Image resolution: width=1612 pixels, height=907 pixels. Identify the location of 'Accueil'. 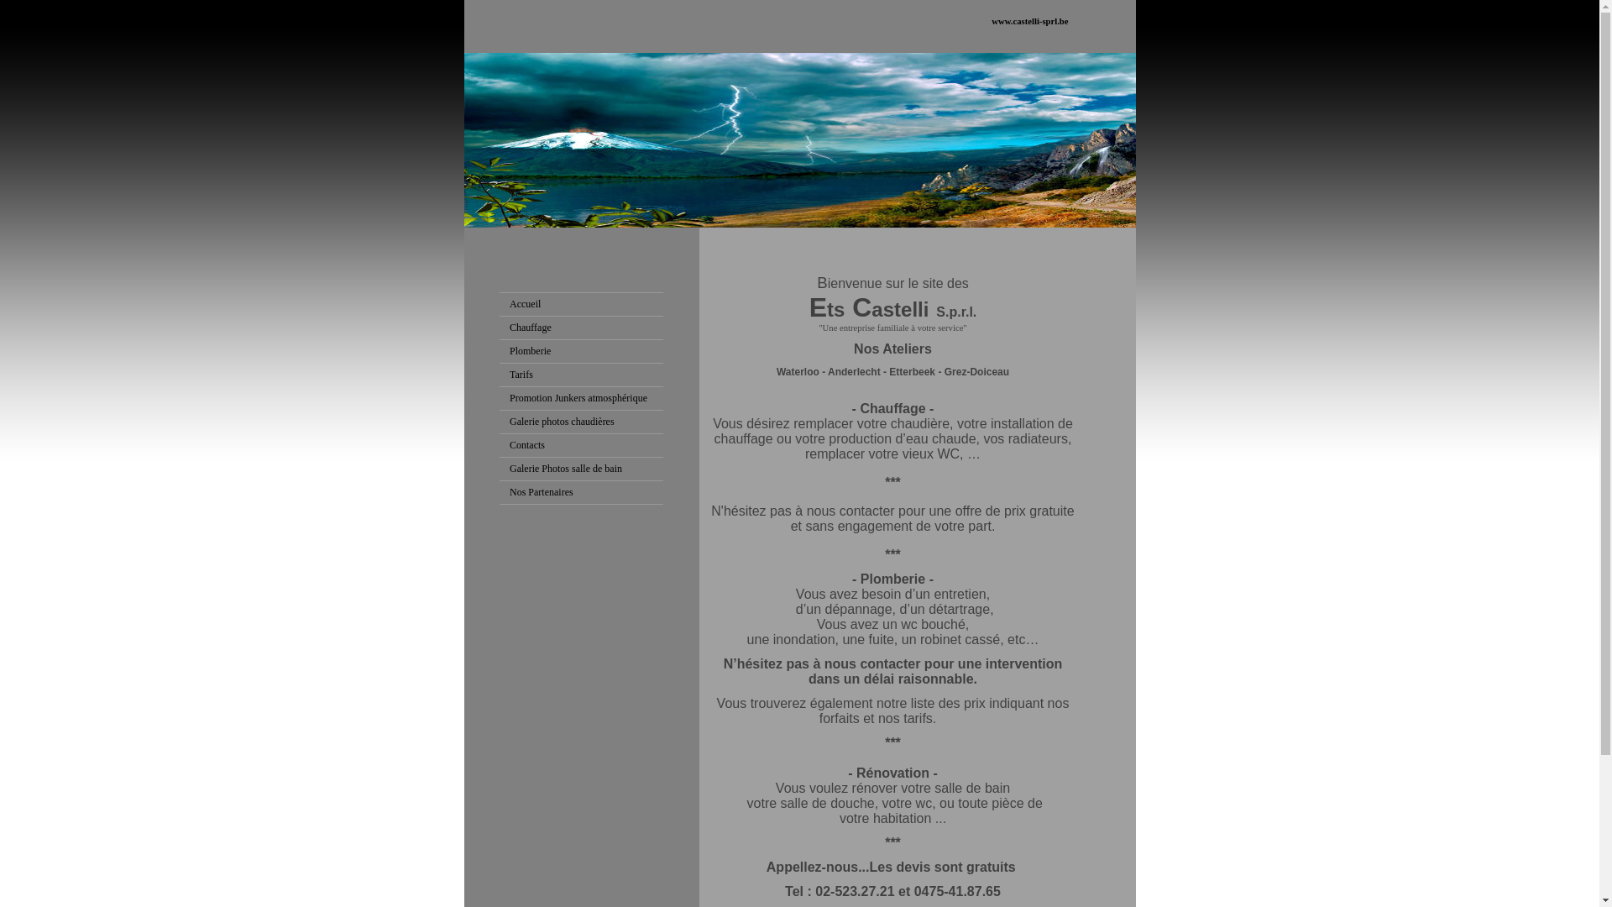
(508, 304).